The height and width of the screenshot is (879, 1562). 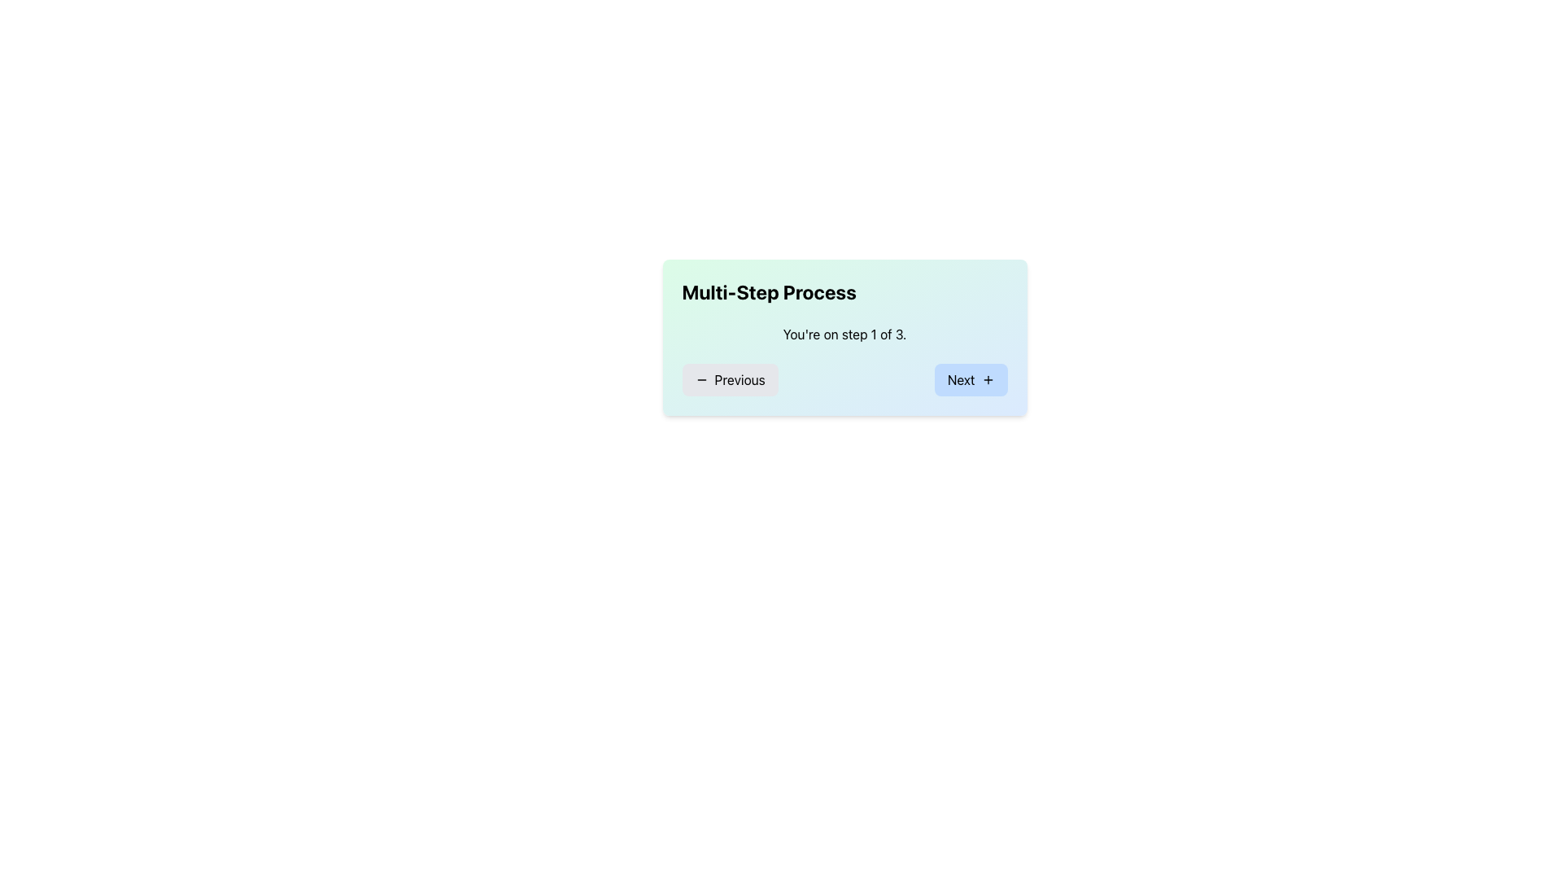 What do you see at coordinates (701, 379) in the screenshot?
I see `the small horizontal line icon located inside the 'Previous' button, which is adjacent to the 'Previous' text` at bounding box center [701, 379].